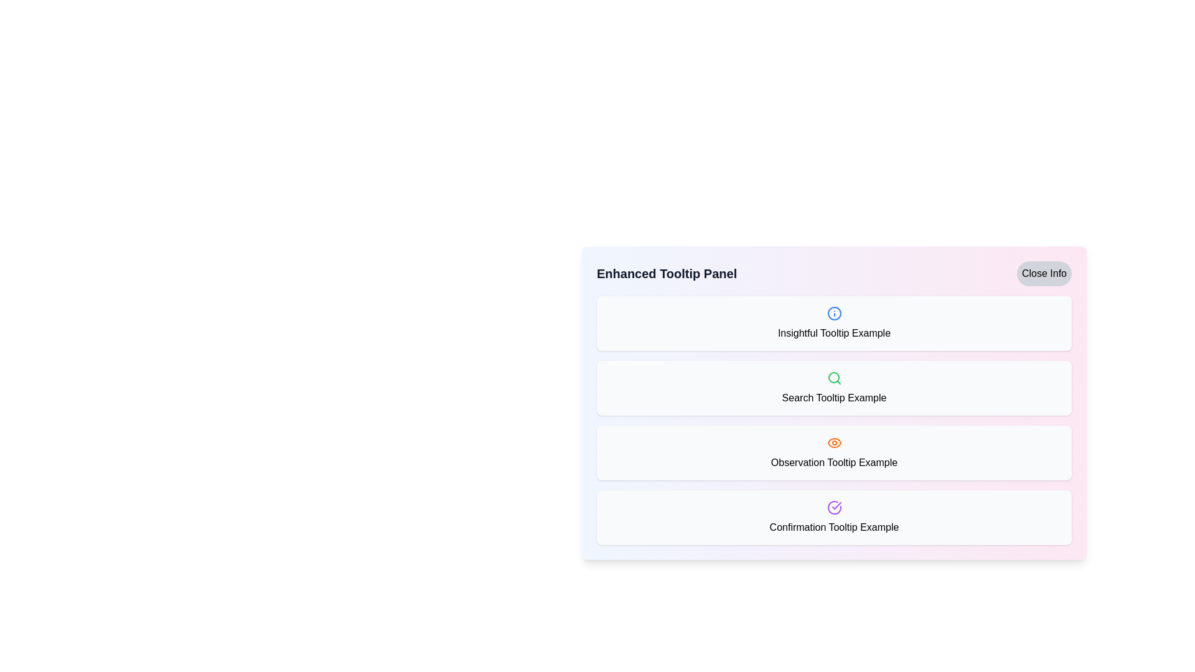 The width and height of the screenshot is (1195, 672). What do you see at coordinates (666, 273) in the screenshot?
I see `text of the Text Label labeled 'Enhanced Tooltip Panel', which is styled with a bold font and located in the top left part of the interface` at bounding box center [666, 273].